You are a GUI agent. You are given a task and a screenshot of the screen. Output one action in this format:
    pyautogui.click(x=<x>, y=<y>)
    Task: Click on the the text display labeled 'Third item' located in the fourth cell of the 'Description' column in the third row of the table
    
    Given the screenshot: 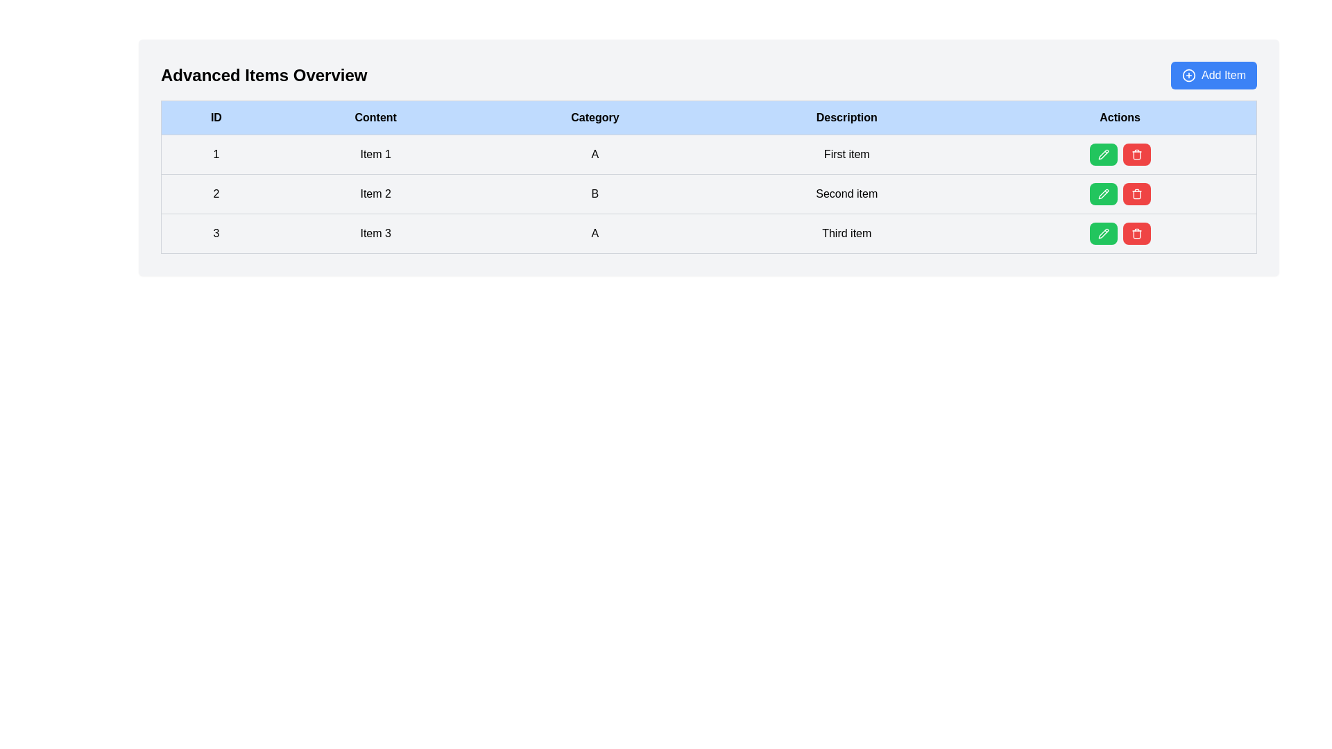 What is the action you would take?
    pyautogui.click(x=846, y=232)
    